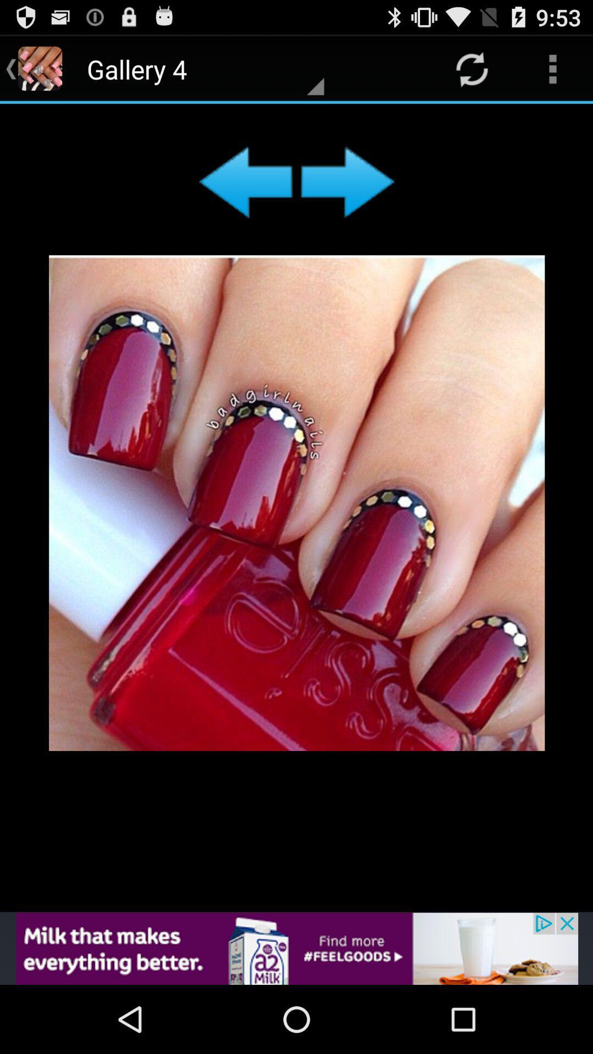 The width and height of the screenshot is (593, 1054). I want to click on makeup kit, so click(296, 507).